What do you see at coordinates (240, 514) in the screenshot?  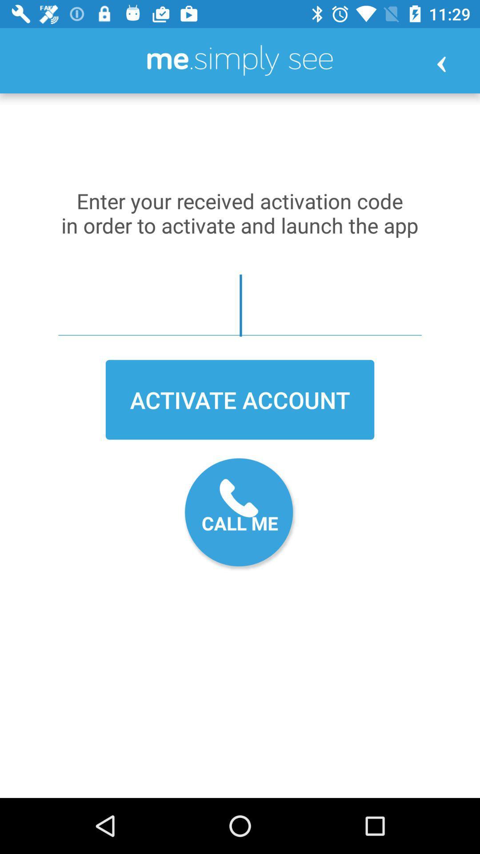 I see `to receive a call for activation code` at bounding box center [240, 514].